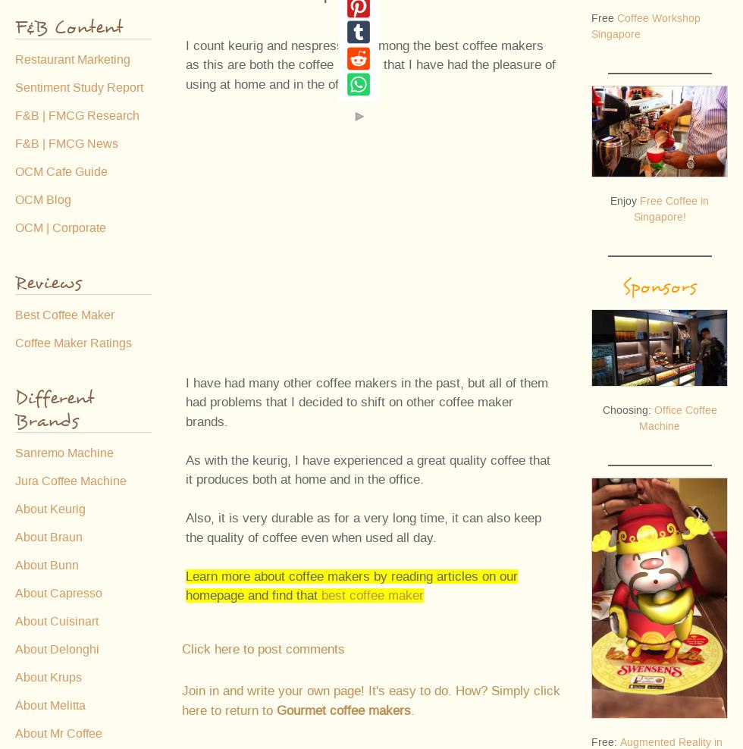 This screenshot has height=749, width=743. What do you see at coordinates (47, 677) in the screenshot?
I see `'About Krups'` at bounding box center [47, 677].